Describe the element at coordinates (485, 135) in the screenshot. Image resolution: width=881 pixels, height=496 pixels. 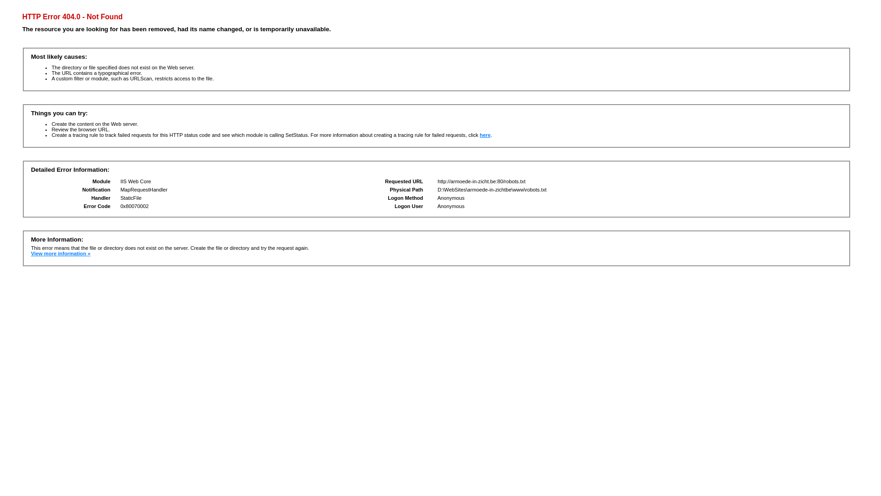
I see `'here'` at that location.